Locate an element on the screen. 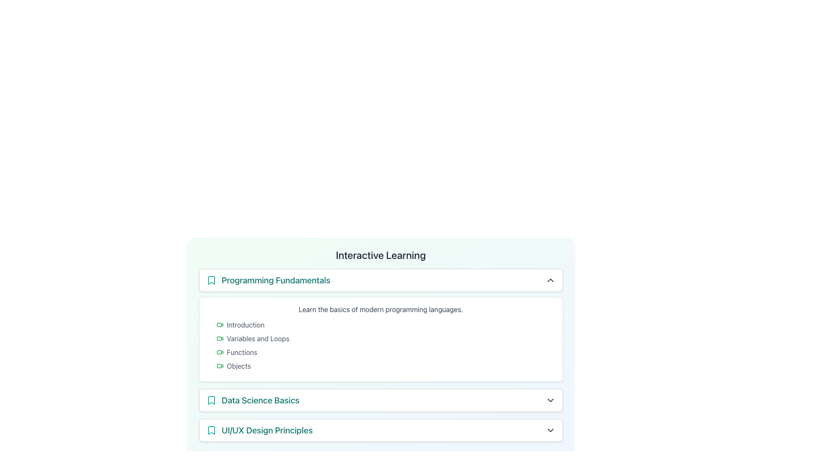 Image resolution: width=824 pixels, height=463 pixels. the text label displaying 'UI/UX Design Principles' using assistive tools, which is positioned adjacent to a bookmark icon within a card section is located at coordinates (259, 430).